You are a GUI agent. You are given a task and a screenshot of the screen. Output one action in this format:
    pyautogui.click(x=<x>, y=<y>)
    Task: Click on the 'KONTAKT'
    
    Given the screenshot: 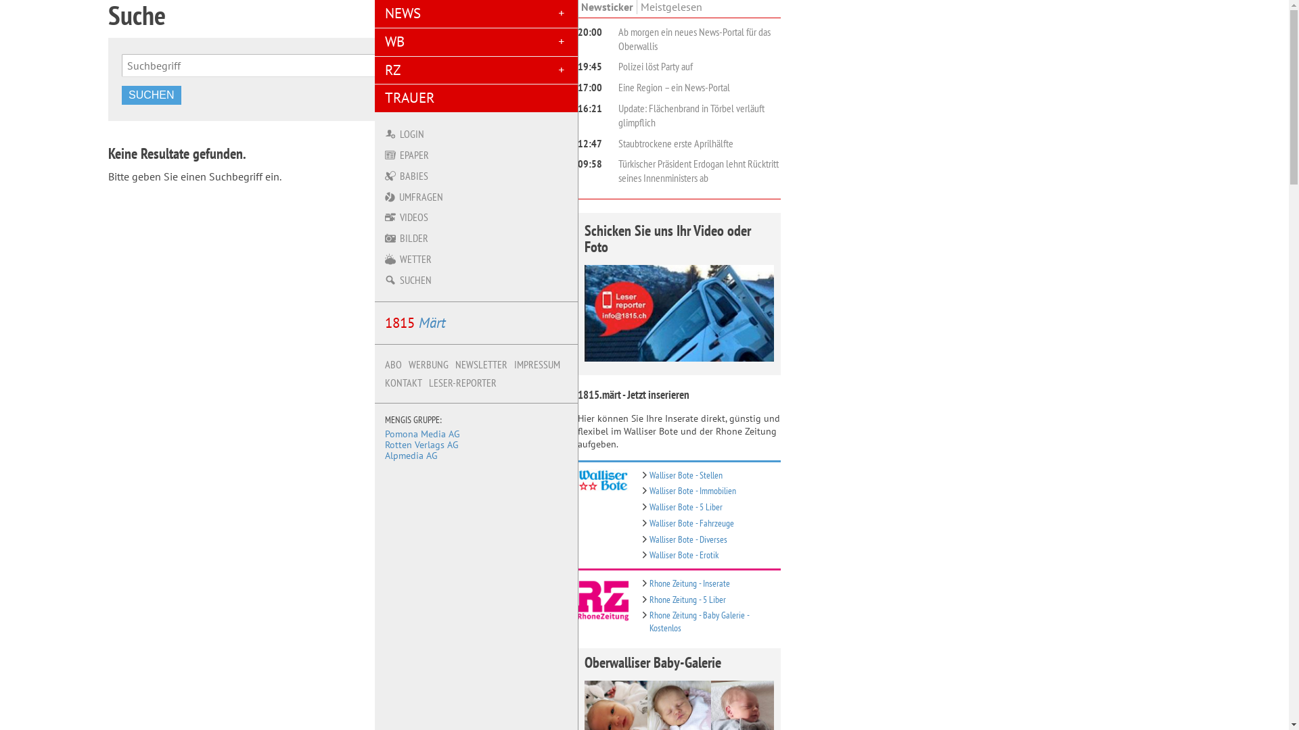 What is the action you would take?
    pyautogui.click(x=403, y=383)
    